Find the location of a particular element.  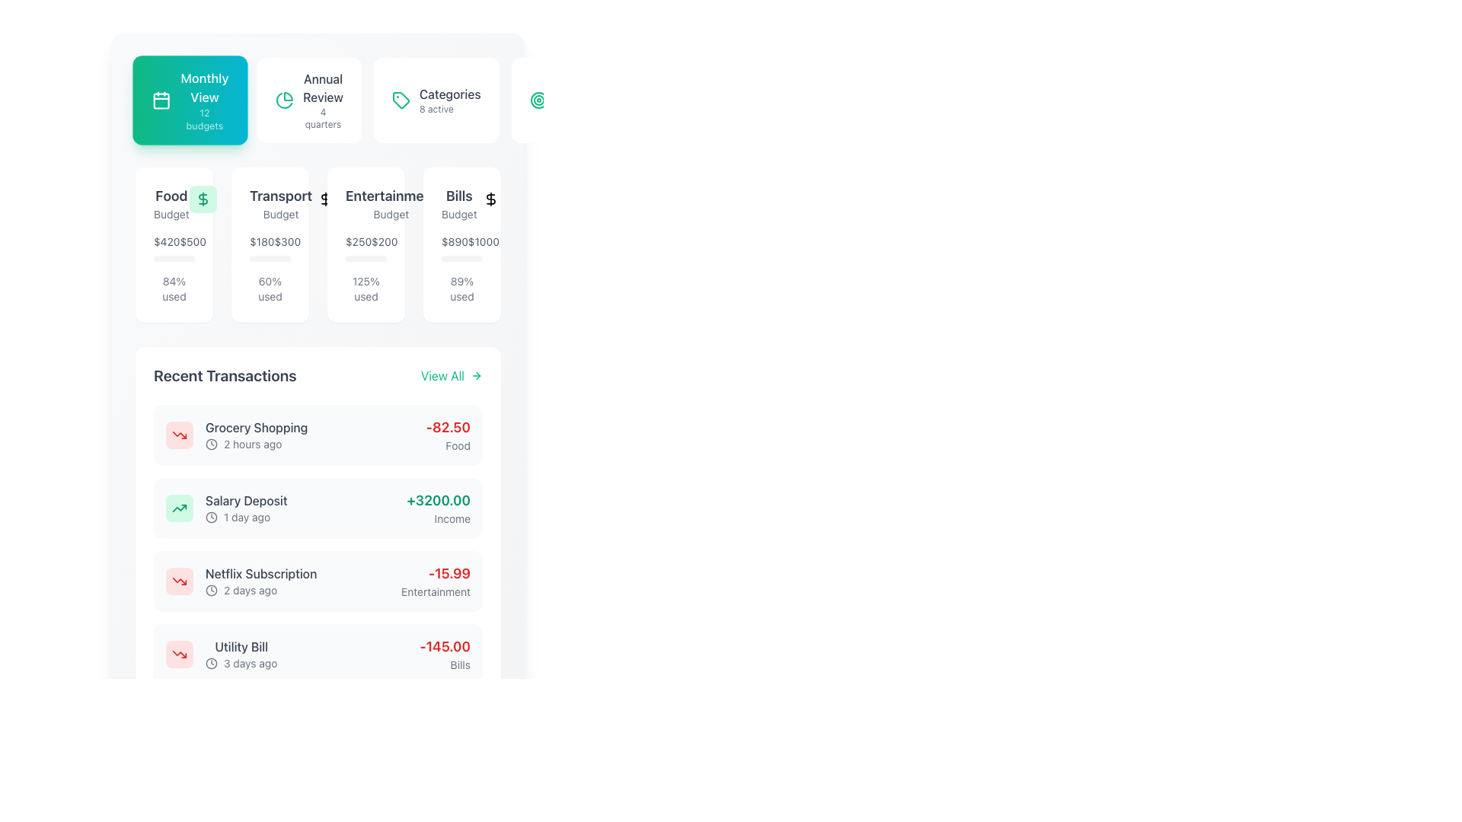

the small rounded icon with a green dollar sign in a light green circular background, located to the right of the 'Food' text under the 'Food Budget' section is located at coordinates (202, 199).